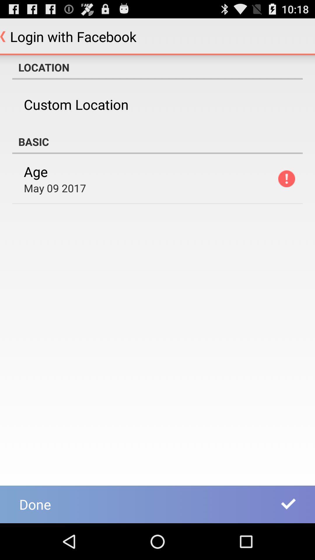 The width and height of the screenshot is (315, 560). Describe the element at coordinates (157, 141) in the screenshot. I see `the basic` at that location.